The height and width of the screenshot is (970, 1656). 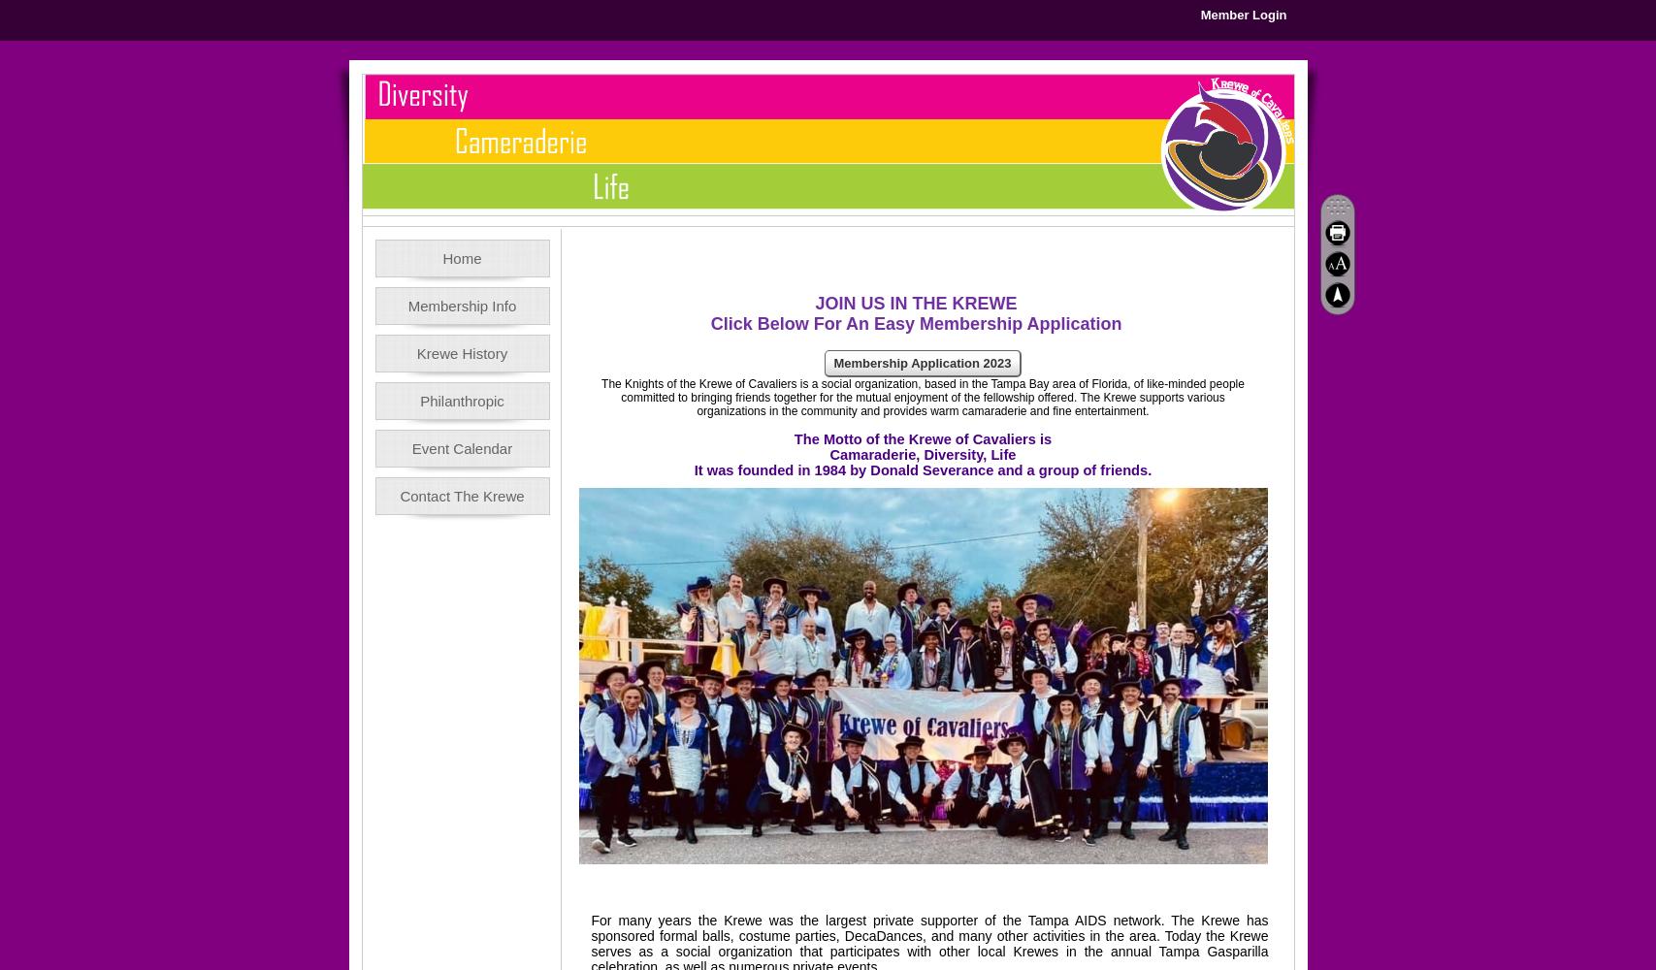 What do you see at coordinates (462, 258) in the screenshot?
I see `'Home'` at bounding box center [462, 258].